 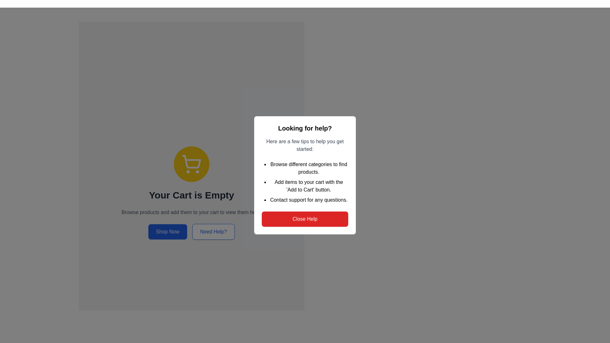 What do you see at coordinates (191, 164) in the screenshot?
I see `the shopping cart icon, which is a bright white vector graphic inside a yellow circular background, located near the center of the cart-themed section of the interface` at bounding box center [191, 164].